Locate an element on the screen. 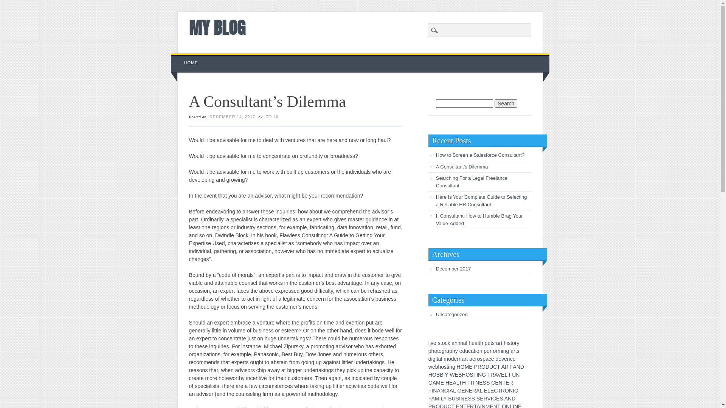 Image resolution: width=726 pixels, height=408 pixels. 'H' is located at coordinates (461, 374).